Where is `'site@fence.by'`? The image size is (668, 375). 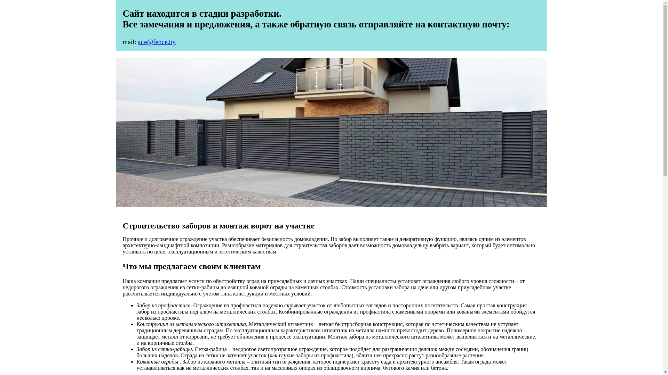
'site@fence.by' is located at coordinates (156, 42).